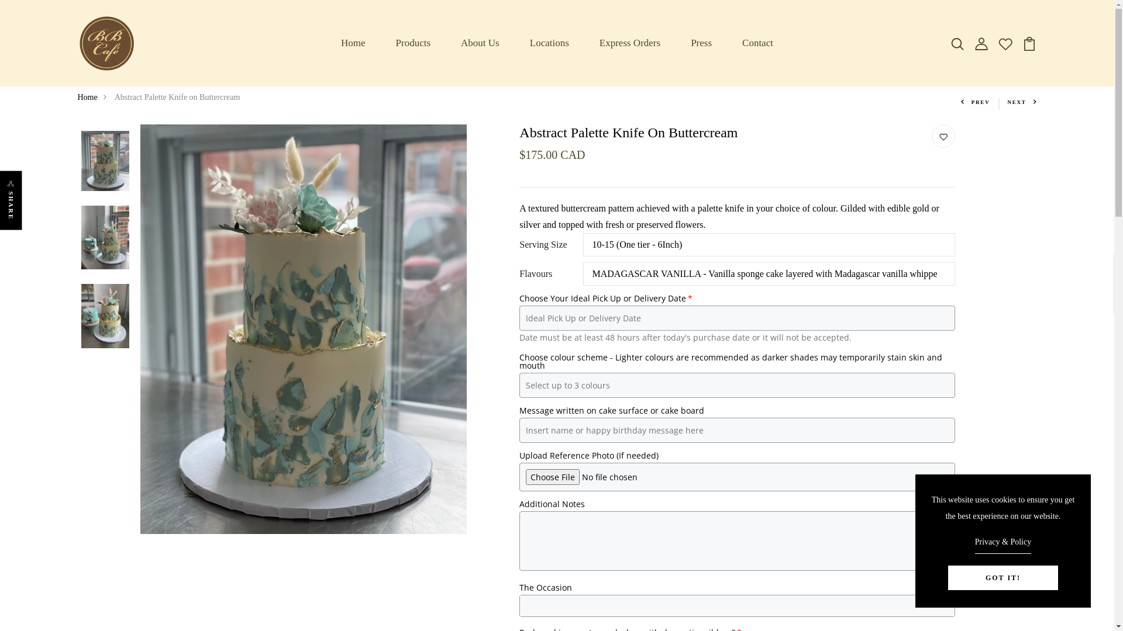 The image size is (1123, 631). Describe the element at coordinates (480, 42) in the screenshot. I see `'About Us'` at that location.